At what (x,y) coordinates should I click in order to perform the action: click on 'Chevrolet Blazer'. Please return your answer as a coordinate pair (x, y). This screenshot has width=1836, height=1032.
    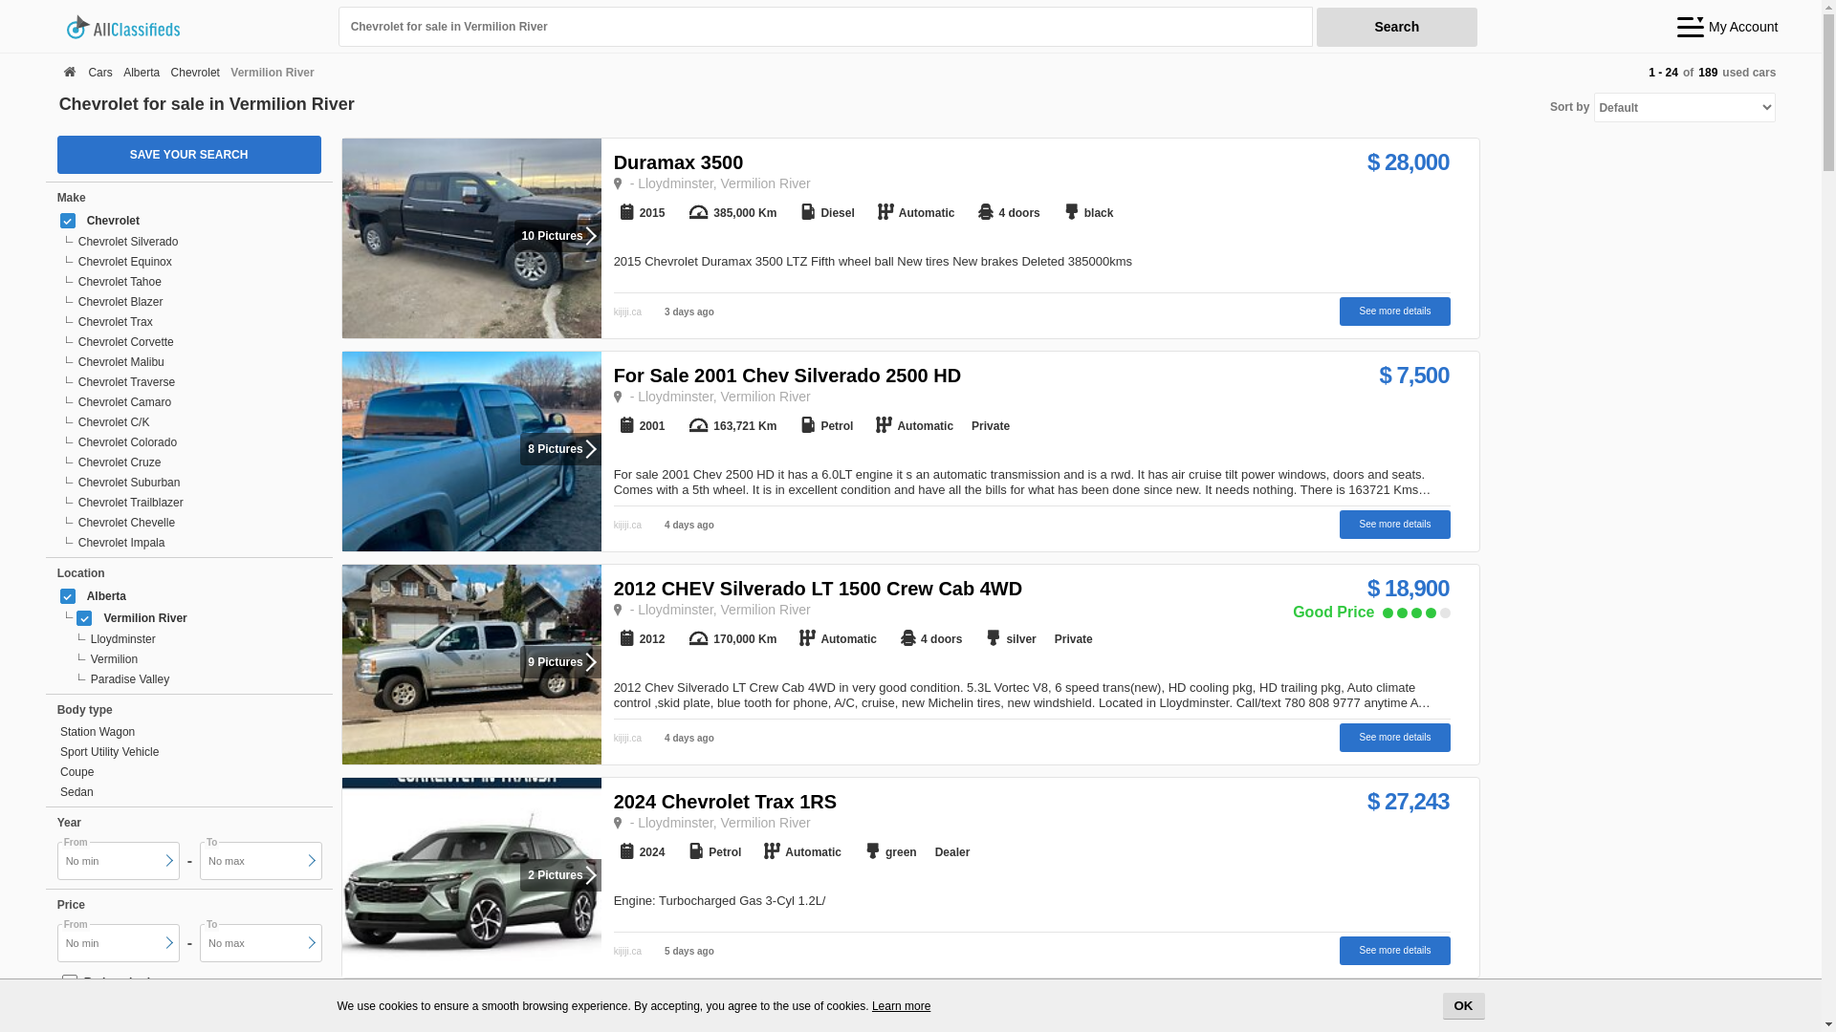
    Looking at the image, I should click on (193, 301).